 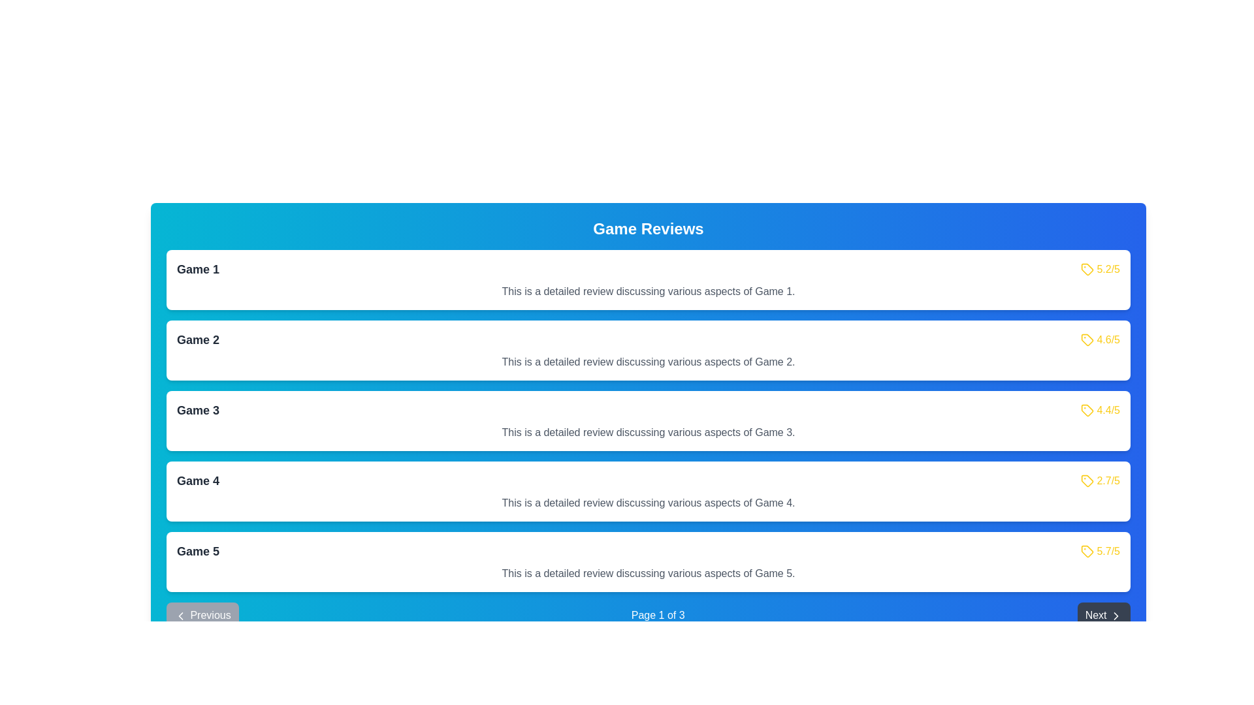 What do you see at coordinates (1108, 268) in the screenshot?
I see `displayed rating score from the Text label located in the topmost row of the review entries, positioned next to a tag icon` at bounding box center [1108, 268].